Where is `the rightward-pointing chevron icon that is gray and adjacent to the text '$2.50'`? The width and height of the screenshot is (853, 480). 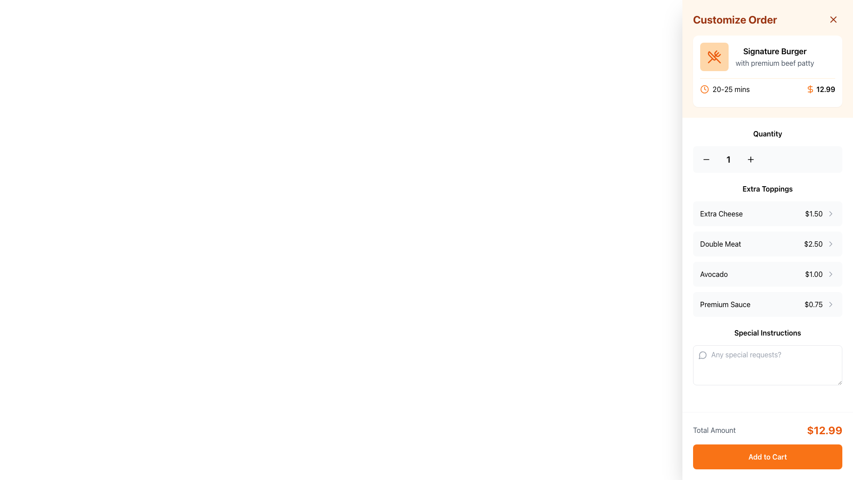
the rightward-pointing chevron icon that is gray and adjacent to the text '$2.50' is located at coordinates (830, 244).